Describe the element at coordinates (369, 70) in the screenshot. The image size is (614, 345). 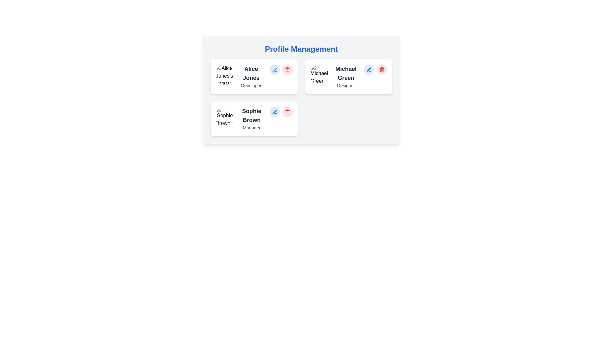
I see `the circular button with a light blue background and a pencil icon located within Michael Green's card to initiate an edit operation` at that location.